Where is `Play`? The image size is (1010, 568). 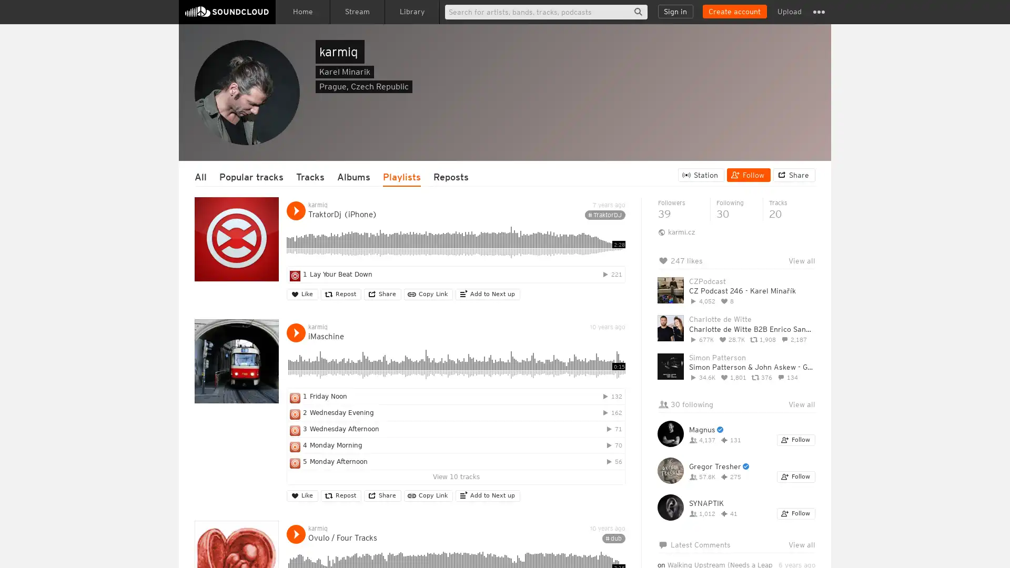 Play is located at coordinates (295, 211).